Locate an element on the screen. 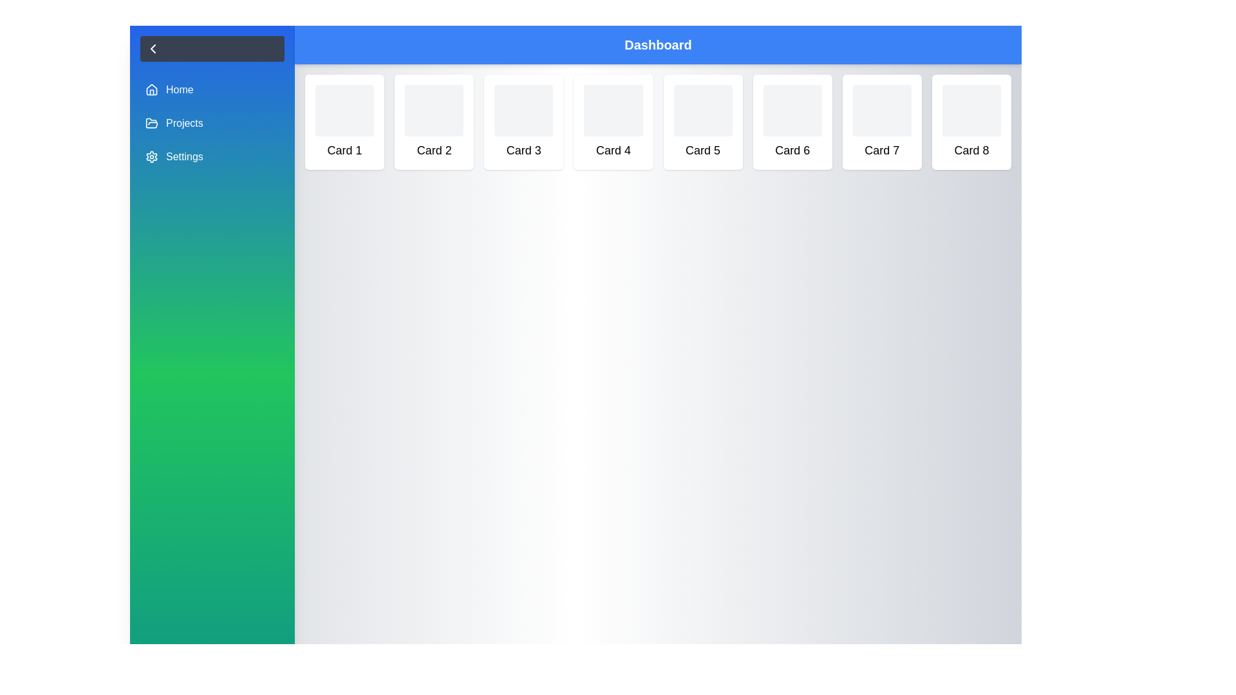  the navigation item Home is located at coordinates (212, 89).